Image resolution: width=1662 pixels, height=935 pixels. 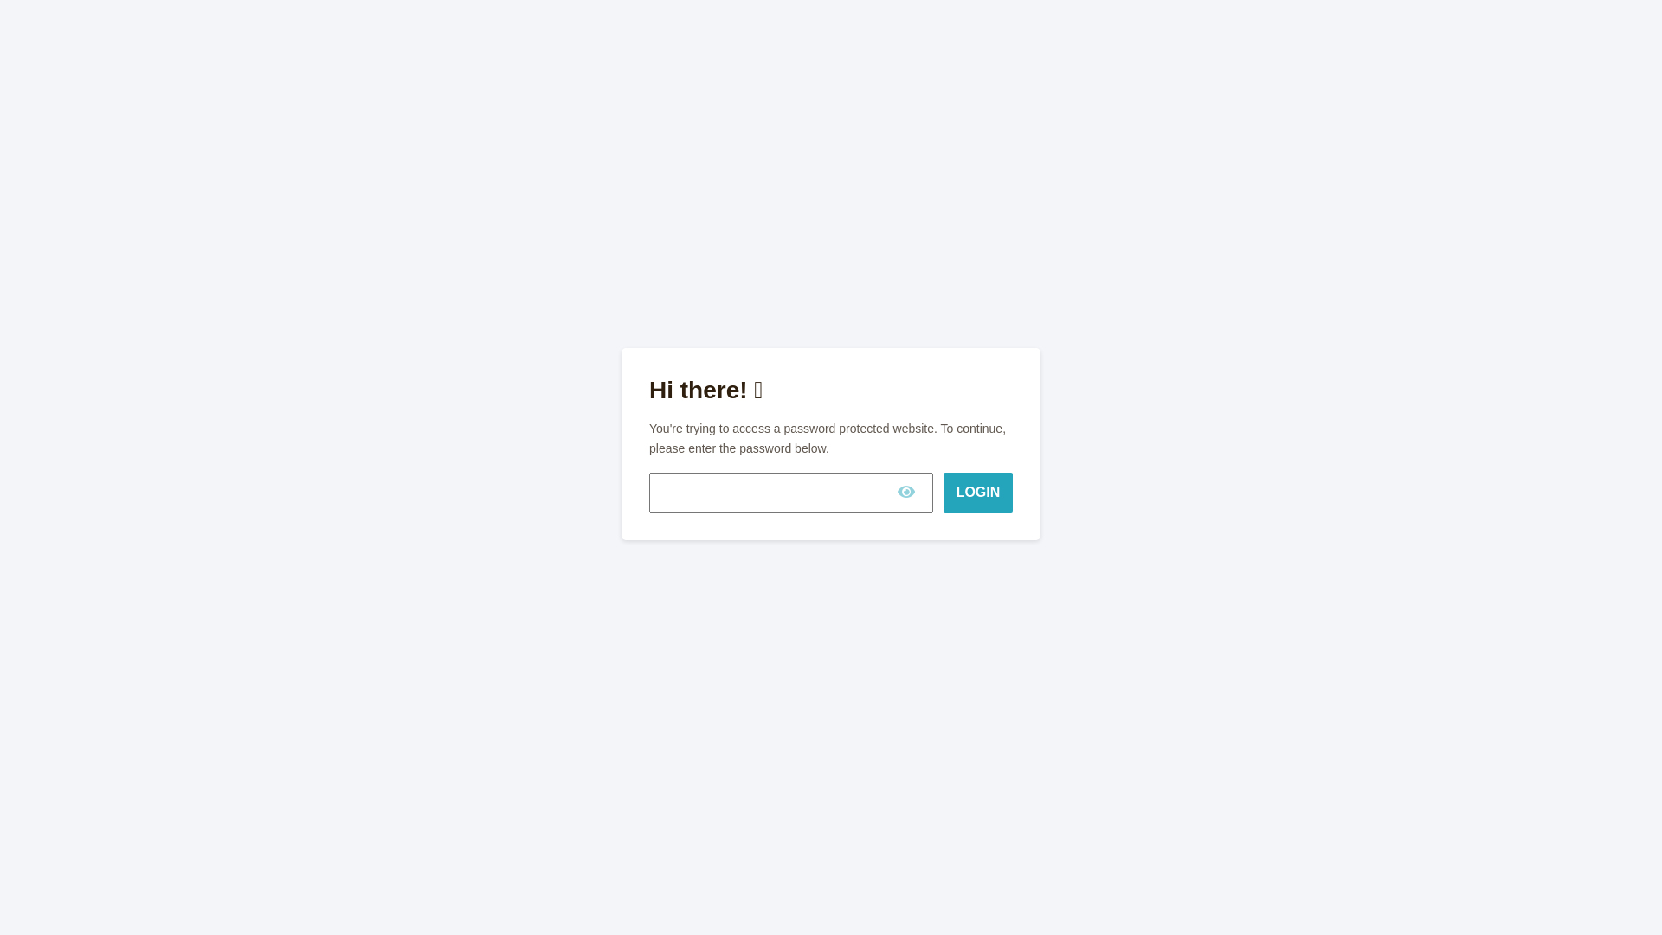 What do you see at coordinates (977, 493) in the screenshot?
I see `'Login'` at bounding box center [977, 493].